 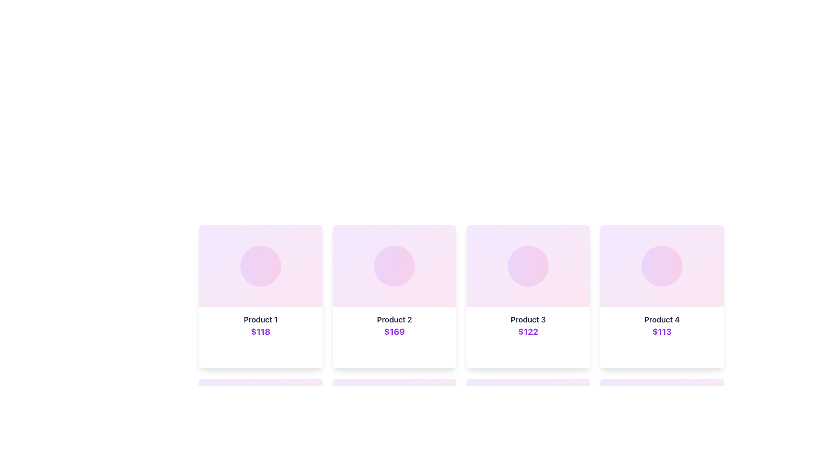 I want to click on the numeric and currency display element showing '$122' in bold purple font, located below 'Product 3' in the third column of a four-column grid layout, so click(x=527, y=331).